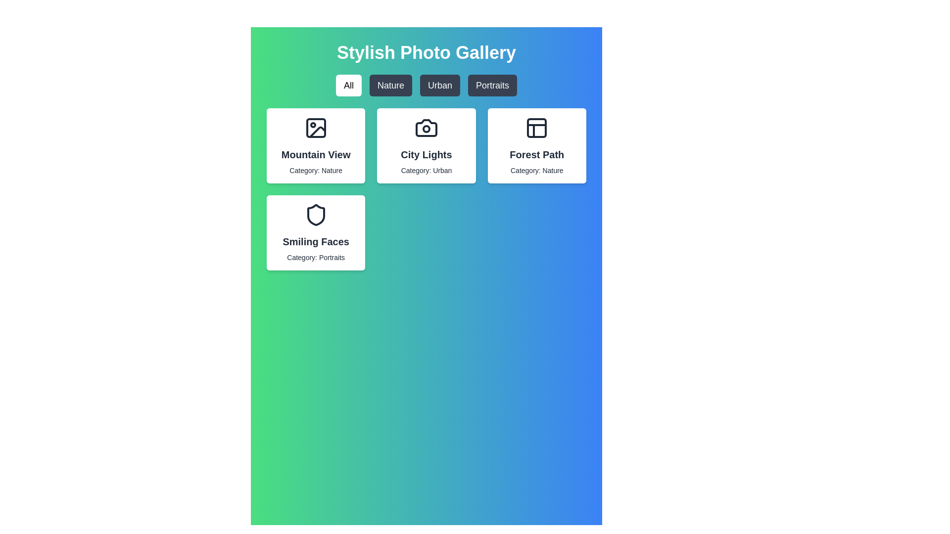 Image resolution: width=950 pixels, height=534 pixels. What do you see at coordinates (427, 154) in the screenshot?
I see `the 'City Lights' text label, which is styled in bold and centered, located within the second card of the grid layout, above the 'Category: Urban' text` at bounding box center [427, 154].